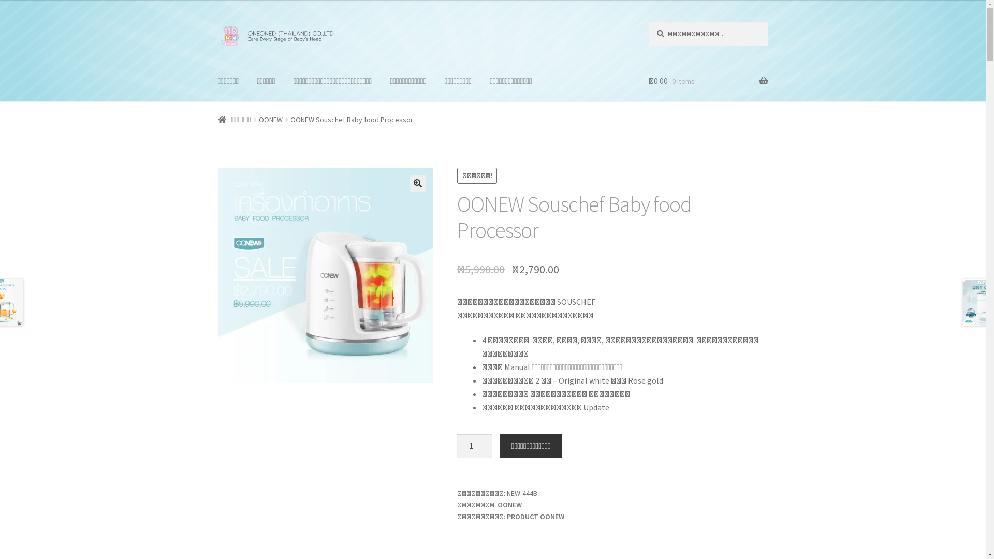 The width and height of the screenshot is (994, 559). Describe the element at coordinates (258, 119) in the screenshot. I see `'OONEW'` at that location.